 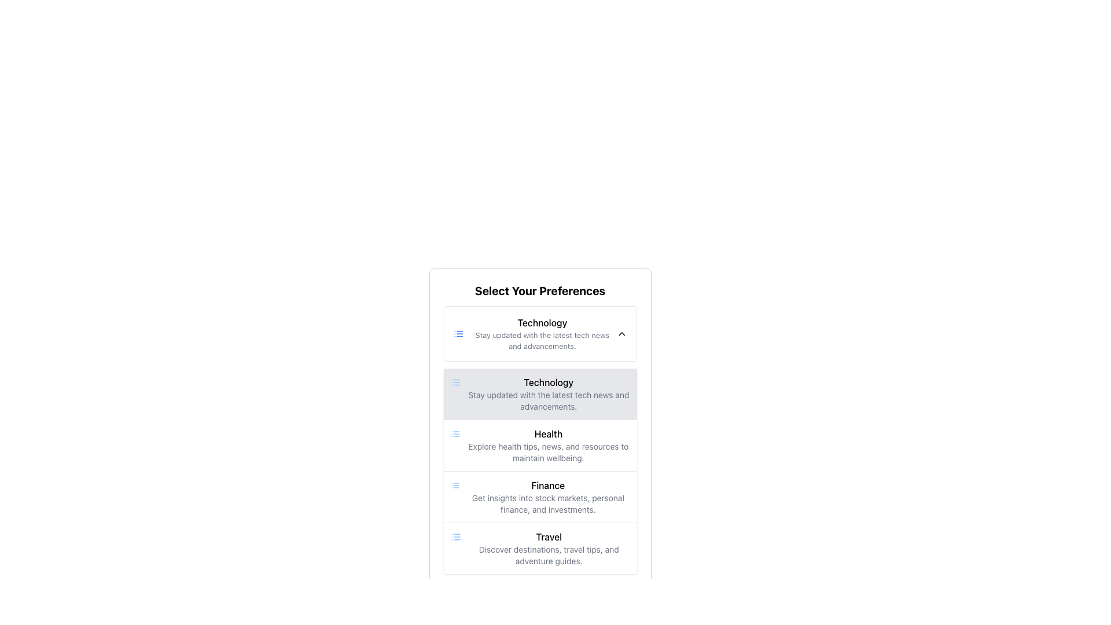 What do you see at coordinates (547, 445) in the screenshot?
I see `the Text label with descriptive content that provides information about health topics, located below the 'Technology' section and above the 'Finance' section` at bounding box center [547, 445].